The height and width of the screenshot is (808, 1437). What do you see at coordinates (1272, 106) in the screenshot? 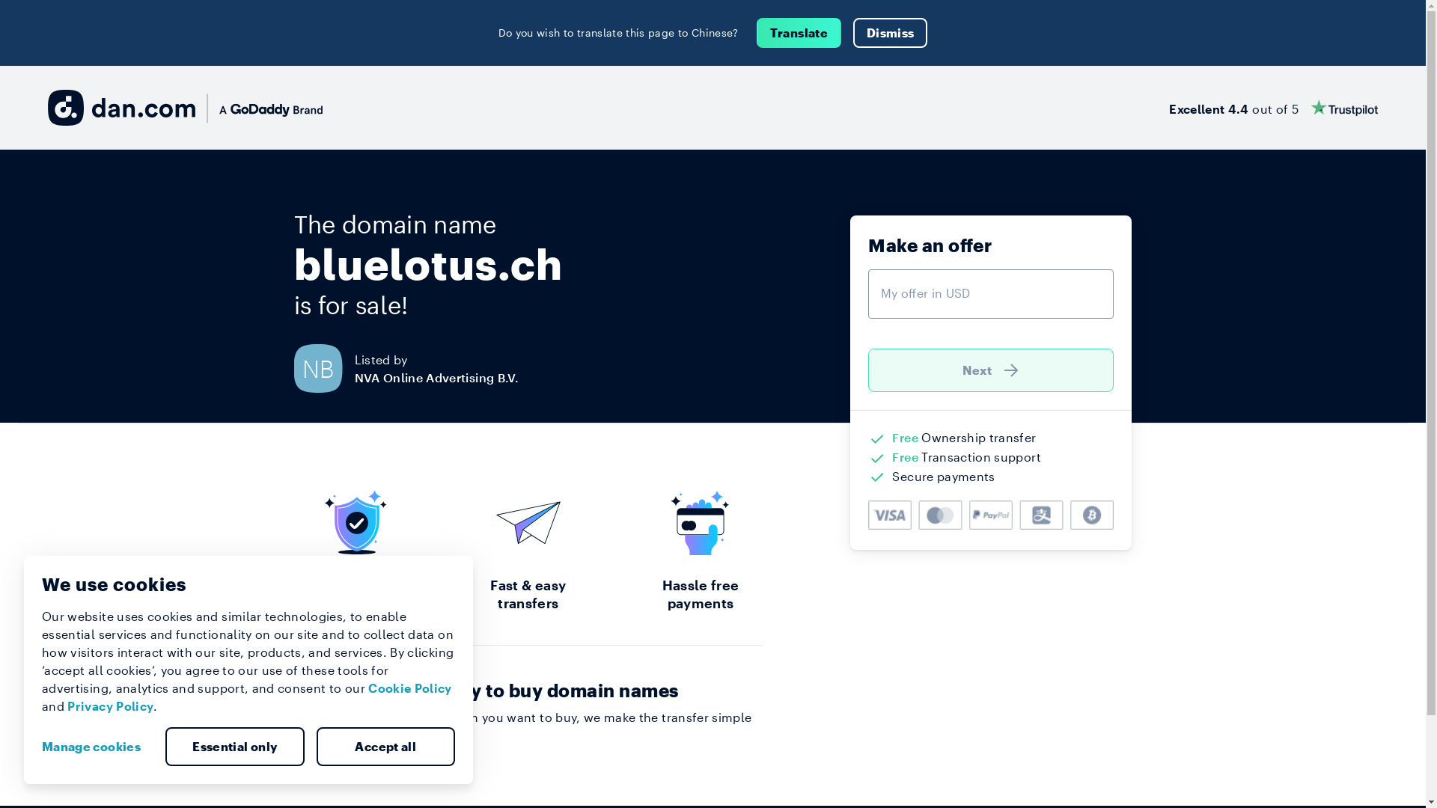
I see `'Excellent 4.4 out of 5'` at bounding box center [1272, 106].